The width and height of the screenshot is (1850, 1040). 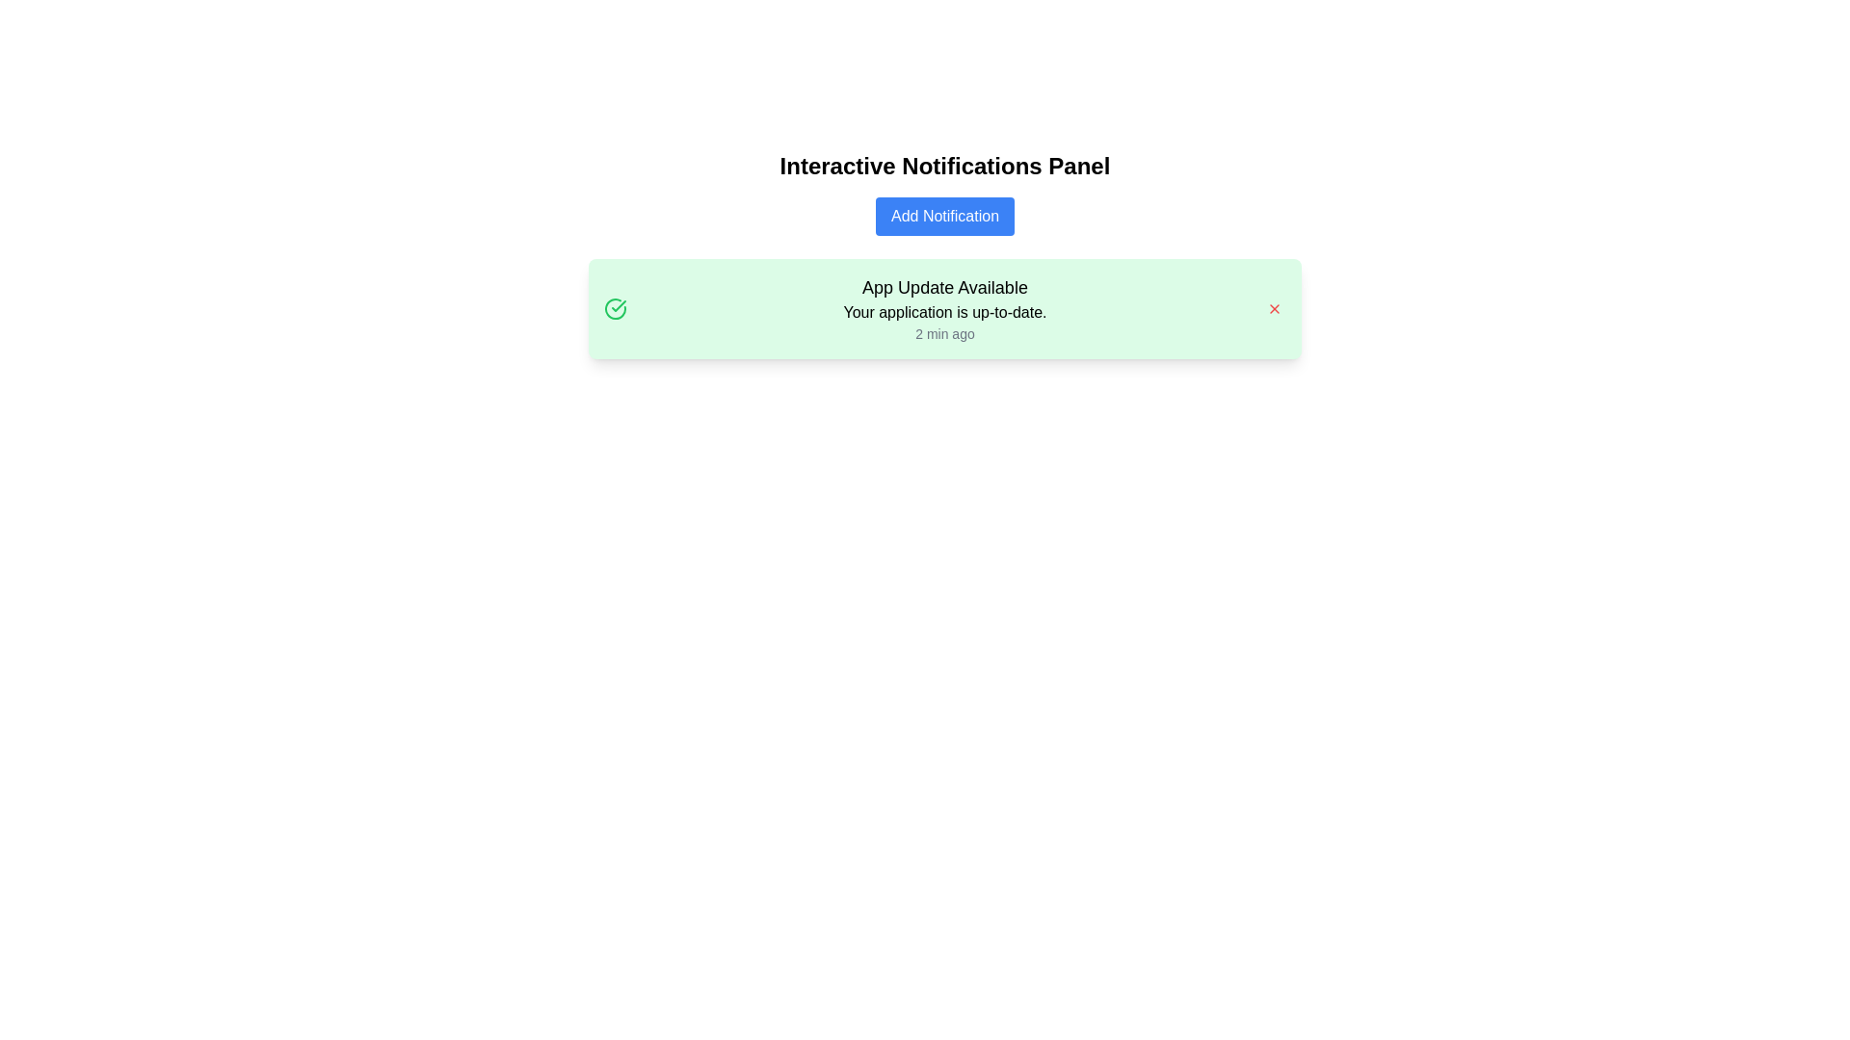 What do you see at coordinates (944, 333) in the screenshot?
I see `the text label displaying '2 min ago' in a small gray font, located below 'Your application is up-to-date.' in the notification box` at bounding box center [944, 333].